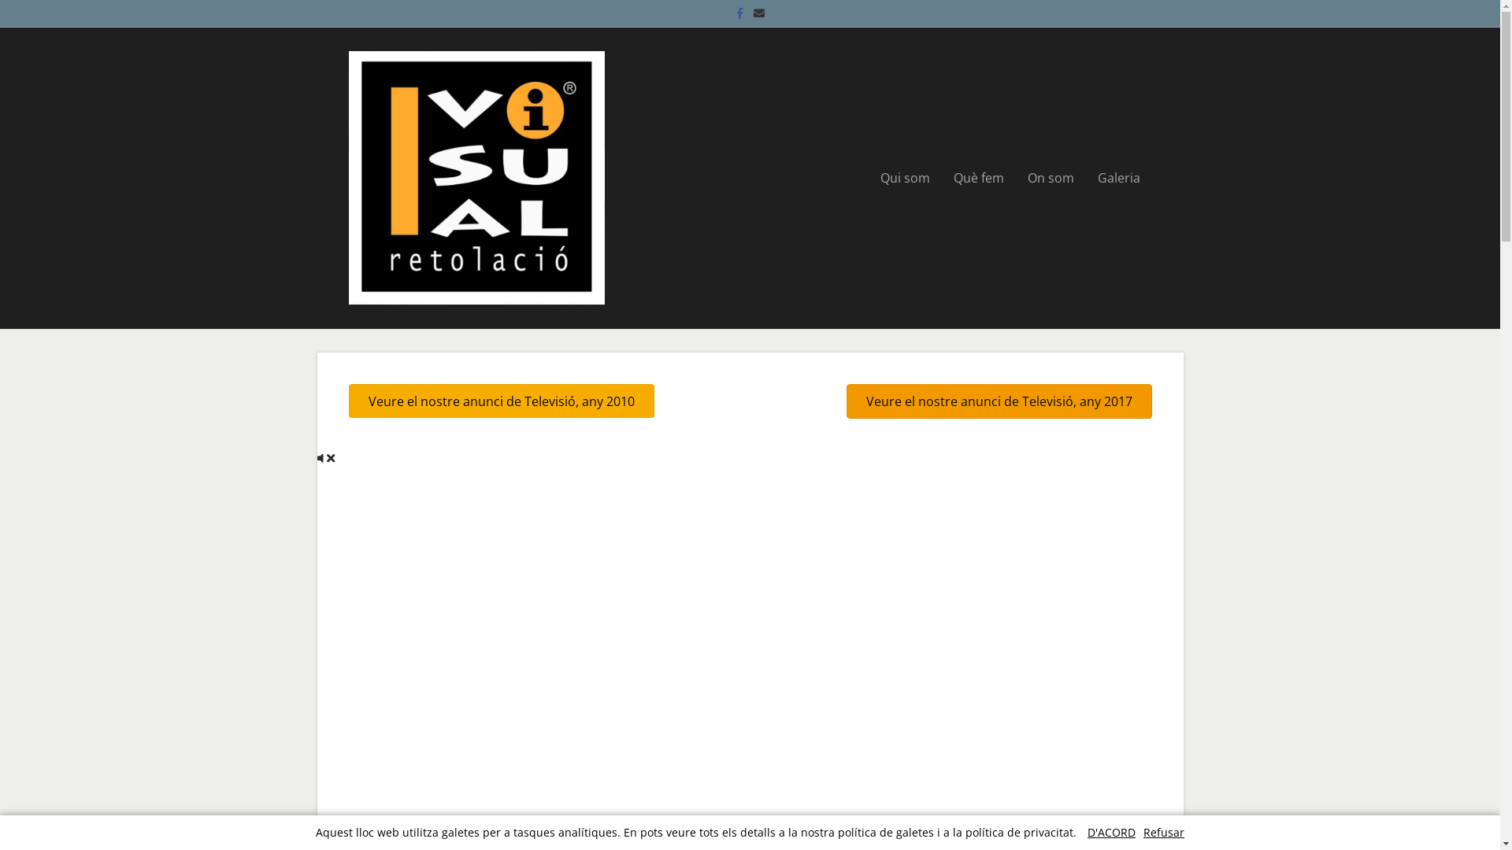  Describe the element at coordinates (1117, 177) in the screenshot. I see `'Galeria'` at that location.